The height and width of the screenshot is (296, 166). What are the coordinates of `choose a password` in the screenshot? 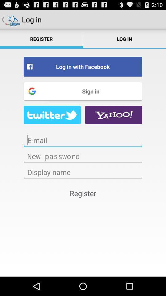 It's located at (83, 156).